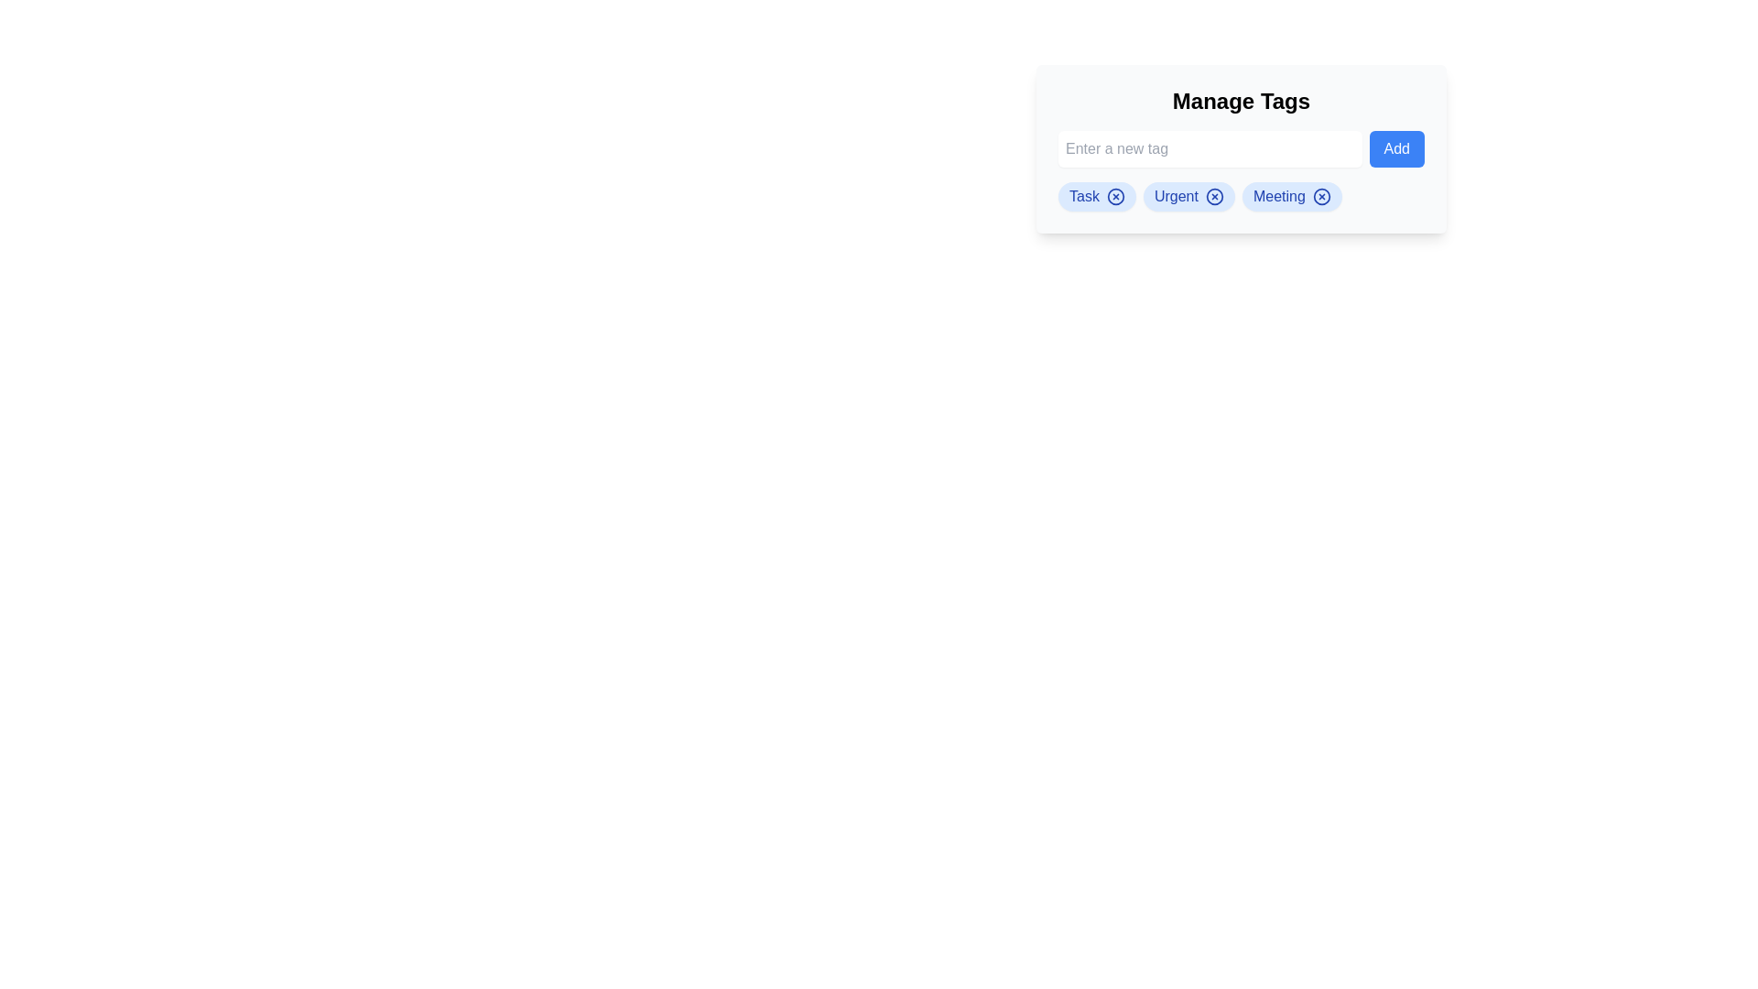 The height and width of the screenshot is (989, 1758). Describe the element at coordinates (1084, 197) in the screenshot. I see `the 'Task' label, which is styled in bold blue text over a light blue background, located in the 'Manage Tags' section as the first item in the tag list` at that location.